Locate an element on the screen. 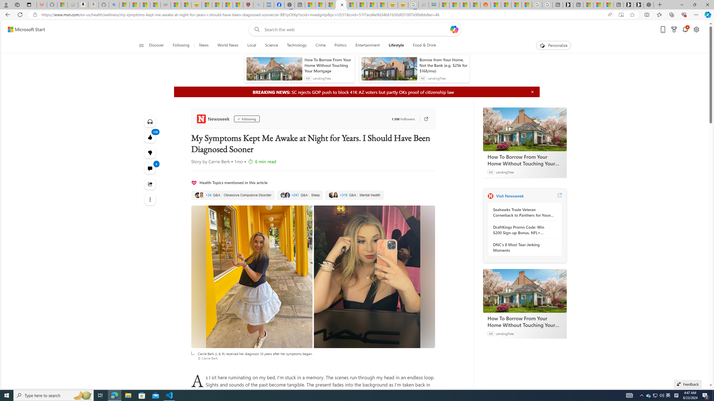 The width and height of the screenshot is (714, 401). '170' is located at coordinates (150, 153).